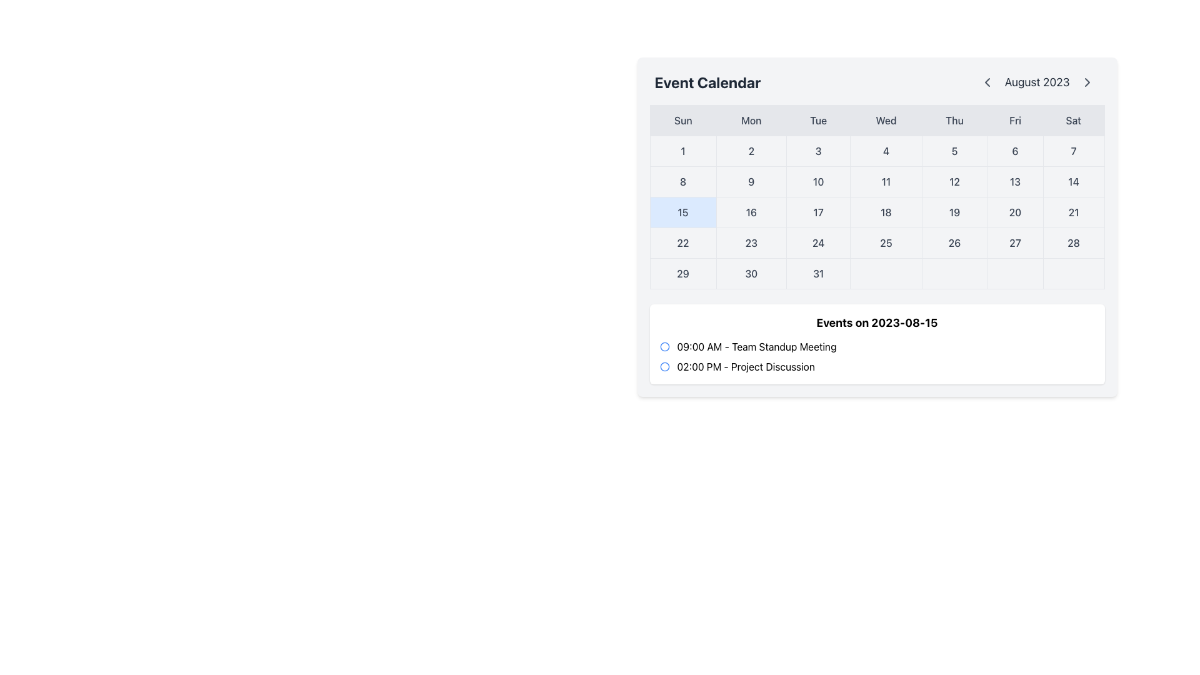 This screenshot has height=675, width=1200. I want to click on the calendar date cell representing the date '15', so click(682, 211).